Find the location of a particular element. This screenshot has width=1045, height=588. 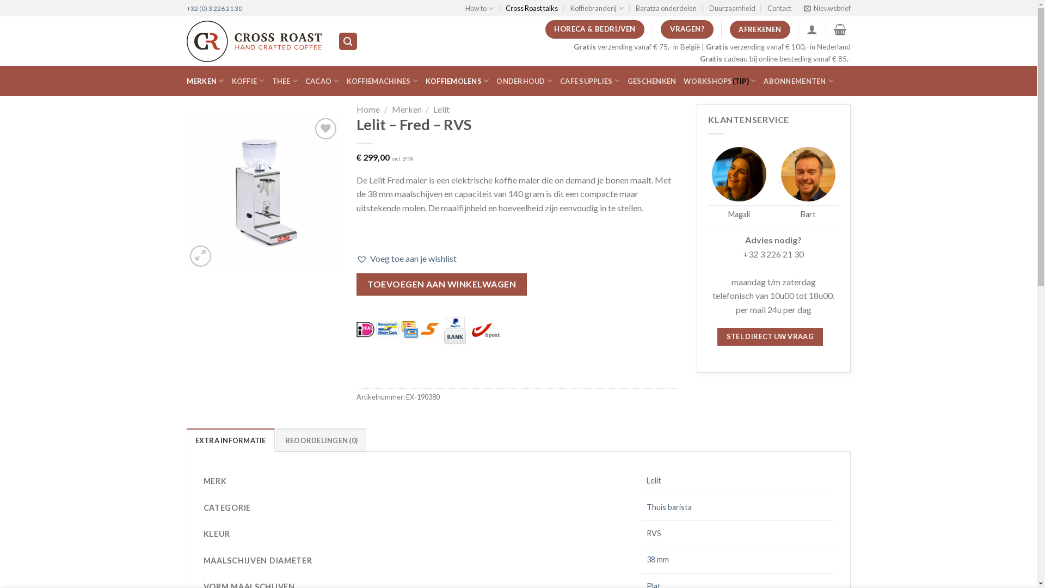

'+32 (0) 3 226 21 30' is located at coordinates (214, 8).